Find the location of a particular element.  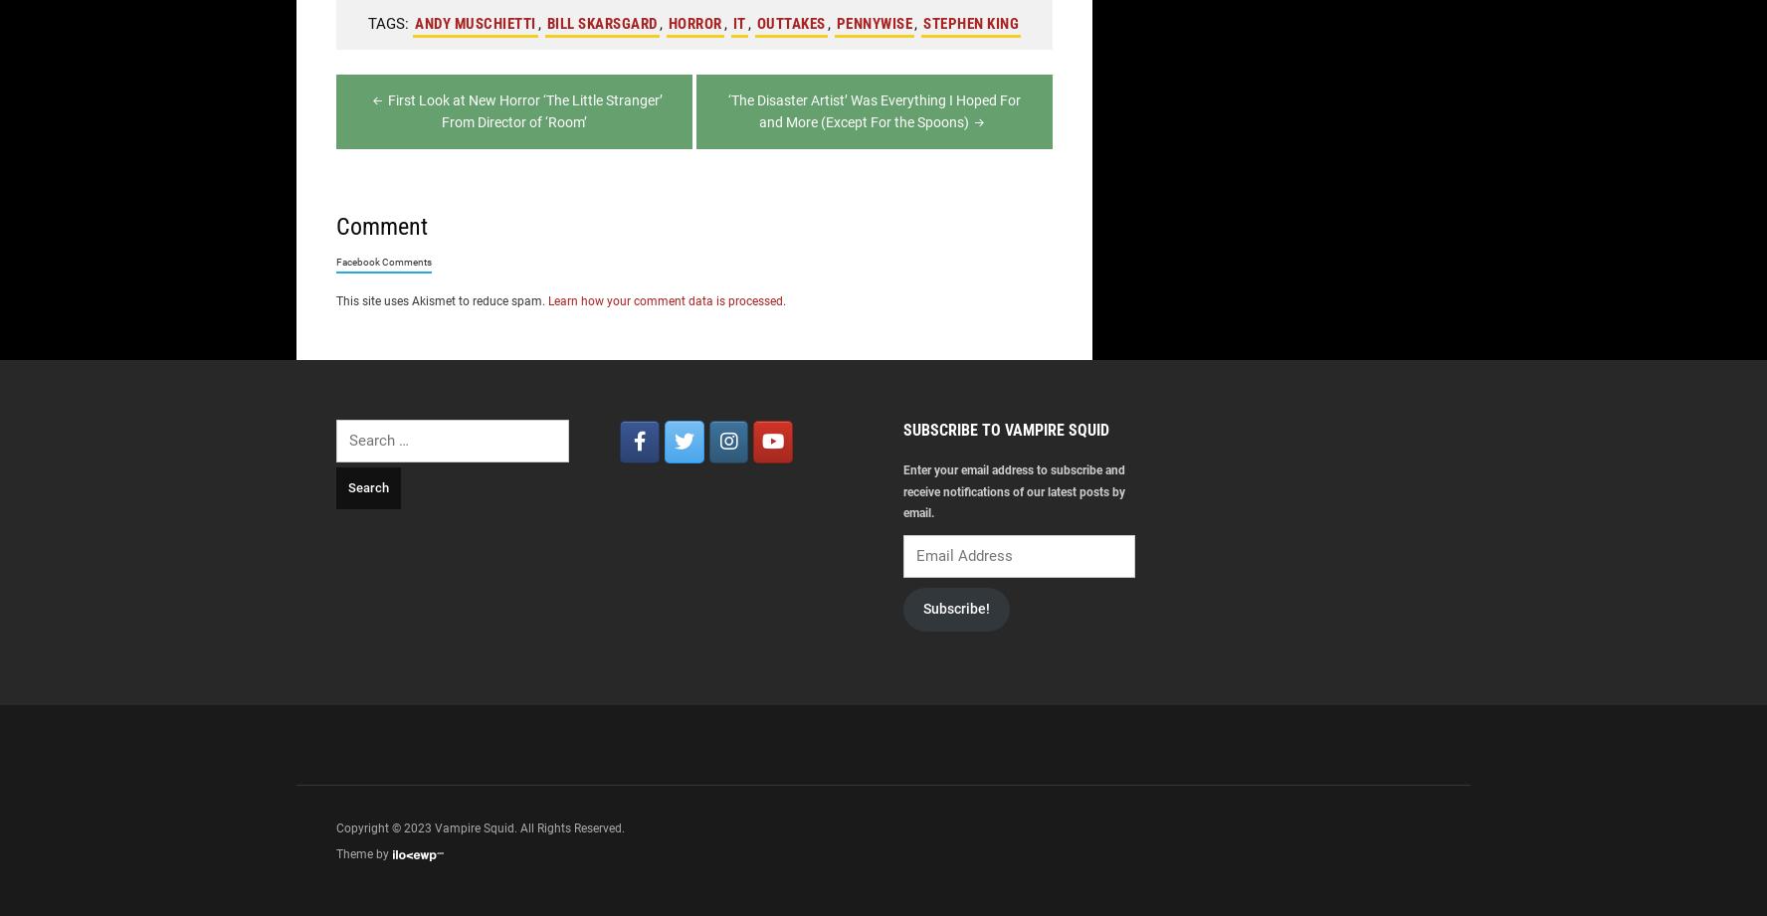

'Facebook Comments' is located at coordinates (334, 260).